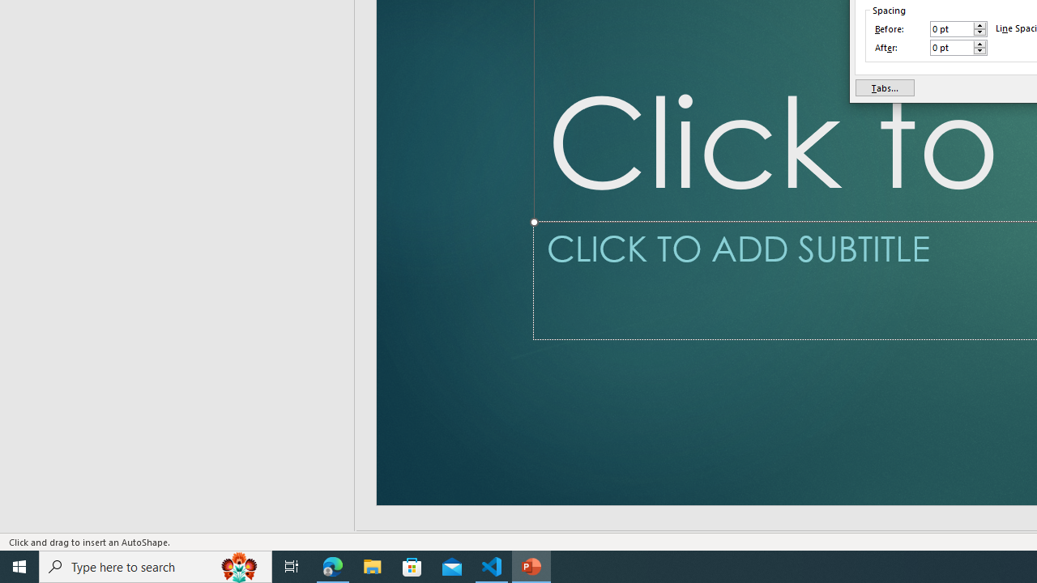  What do you see at coordinates (979, 43) in the screenshot?
I see `'More'` at bounding box center [979, 43].